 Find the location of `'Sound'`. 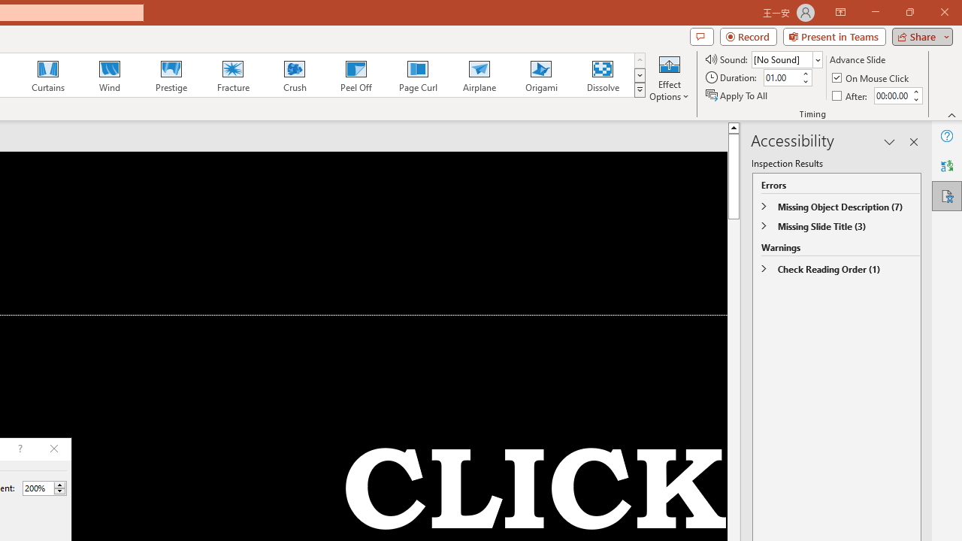

'Sound' is located at coordinates (786, 59).